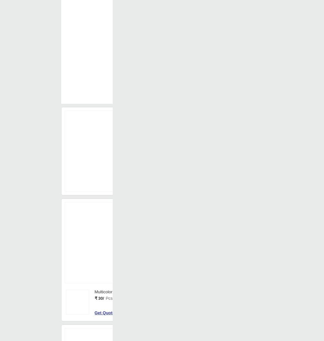 This screenshot has width=324, height=341. I want to click on 'Round Acrylic Lit Flange, 4 - 6 Inches, Size: 18x18 Inches', so click(232, 205).